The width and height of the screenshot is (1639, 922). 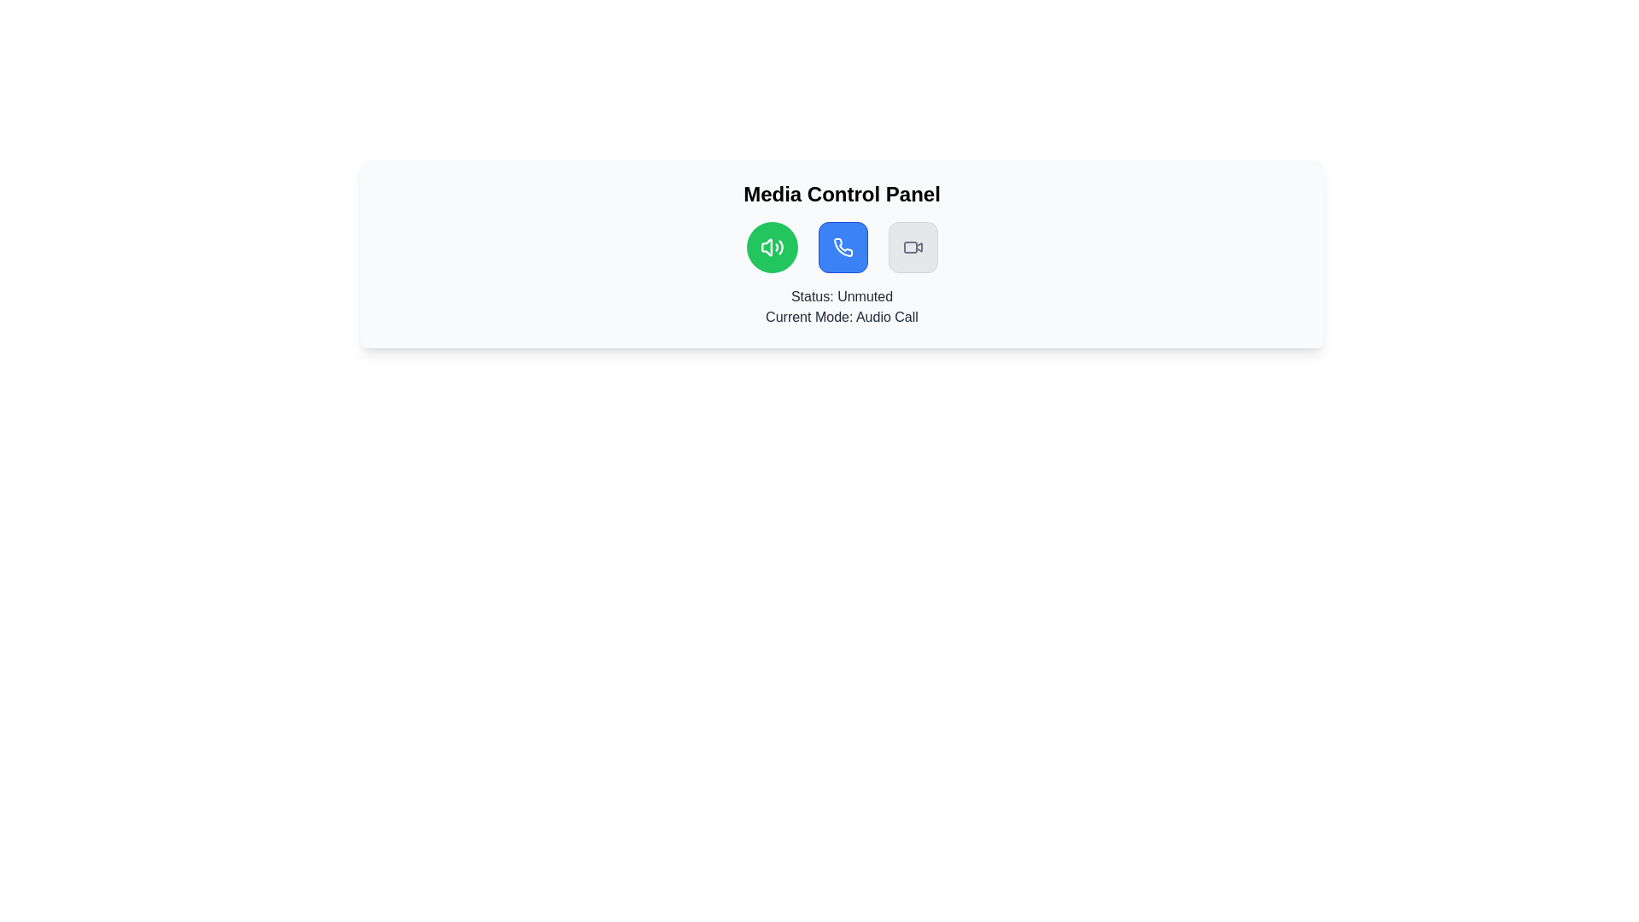 I want to click on the mute button in the Media Control Panel, so click(x=771, y=247).